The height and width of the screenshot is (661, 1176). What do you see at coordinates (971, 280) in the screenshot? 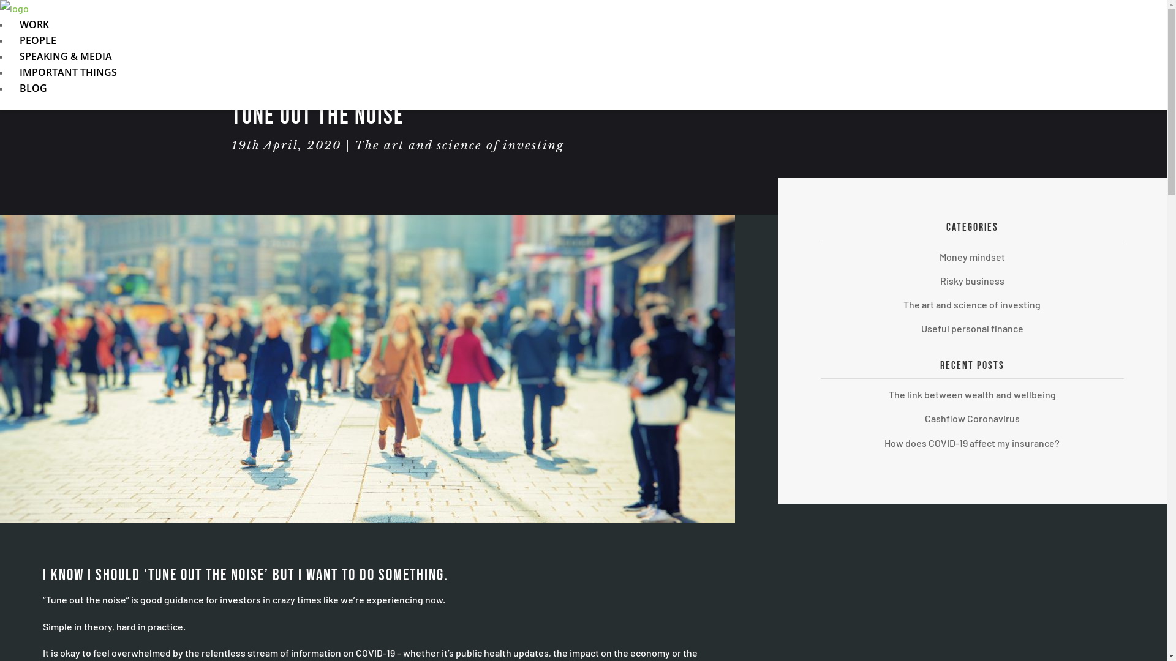
I see `'Risky business'` at bounding box center [971, 280].